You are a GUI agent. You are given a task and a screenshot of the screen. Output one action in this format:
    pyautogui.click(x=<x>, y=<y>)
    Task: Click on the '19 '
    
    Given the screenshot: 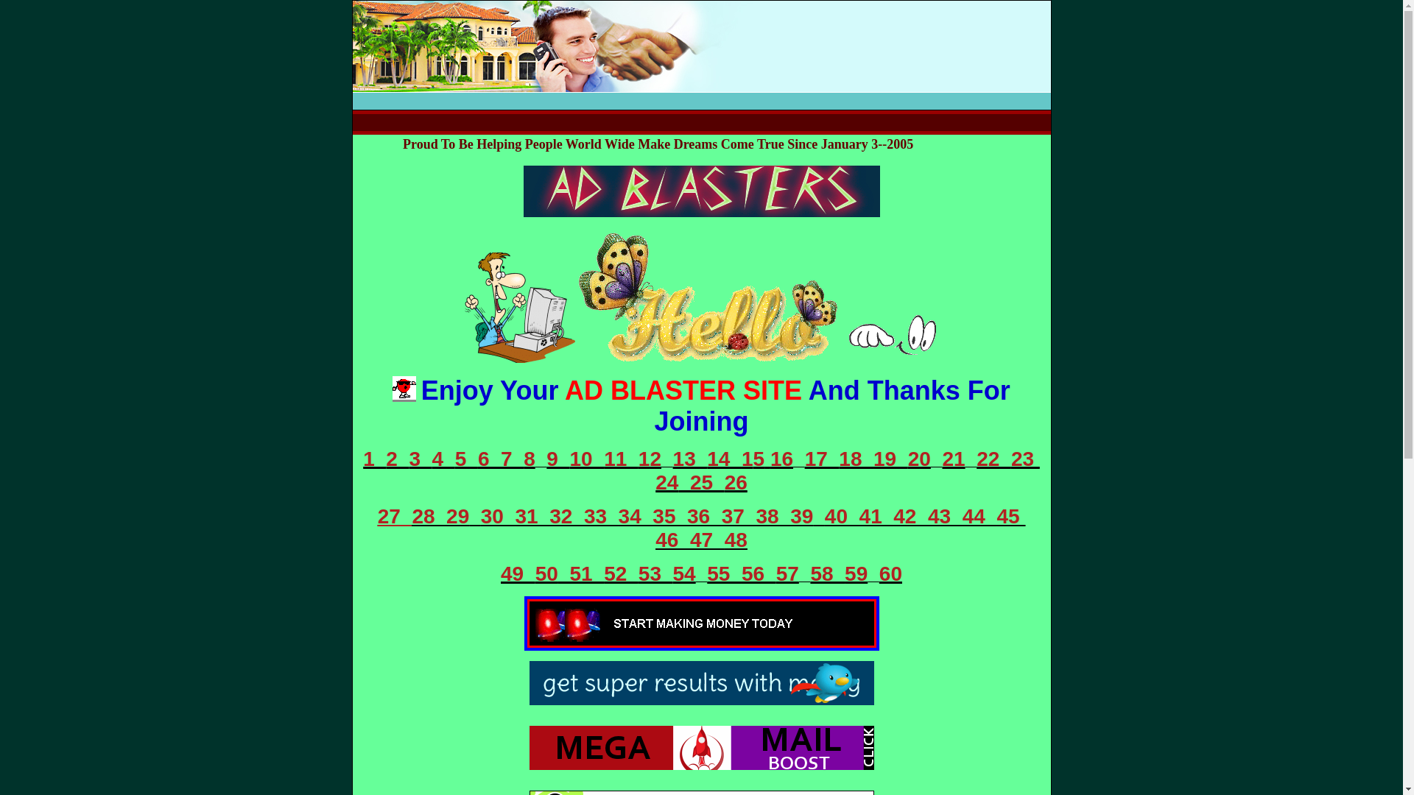 What is the action you would take?
    pyautogui.click(x=890, y=458)
    